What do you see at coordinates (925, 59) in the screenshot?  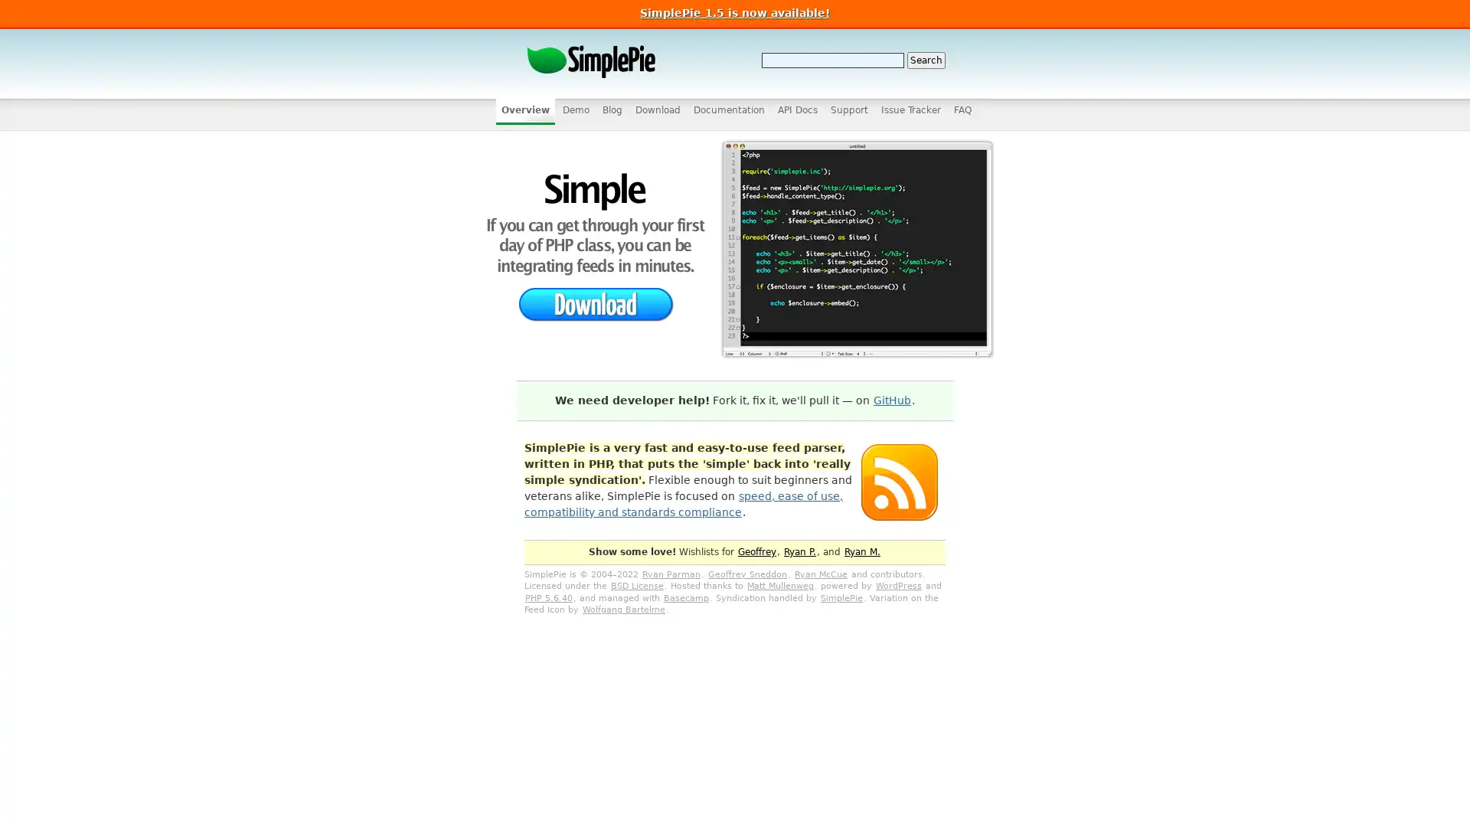 I see `Search` at bounding box center [925, 59].